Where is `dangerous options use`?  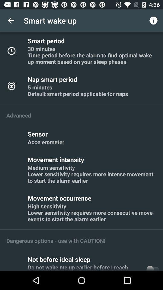
dangerous options use is located at coordinates (56, 240).